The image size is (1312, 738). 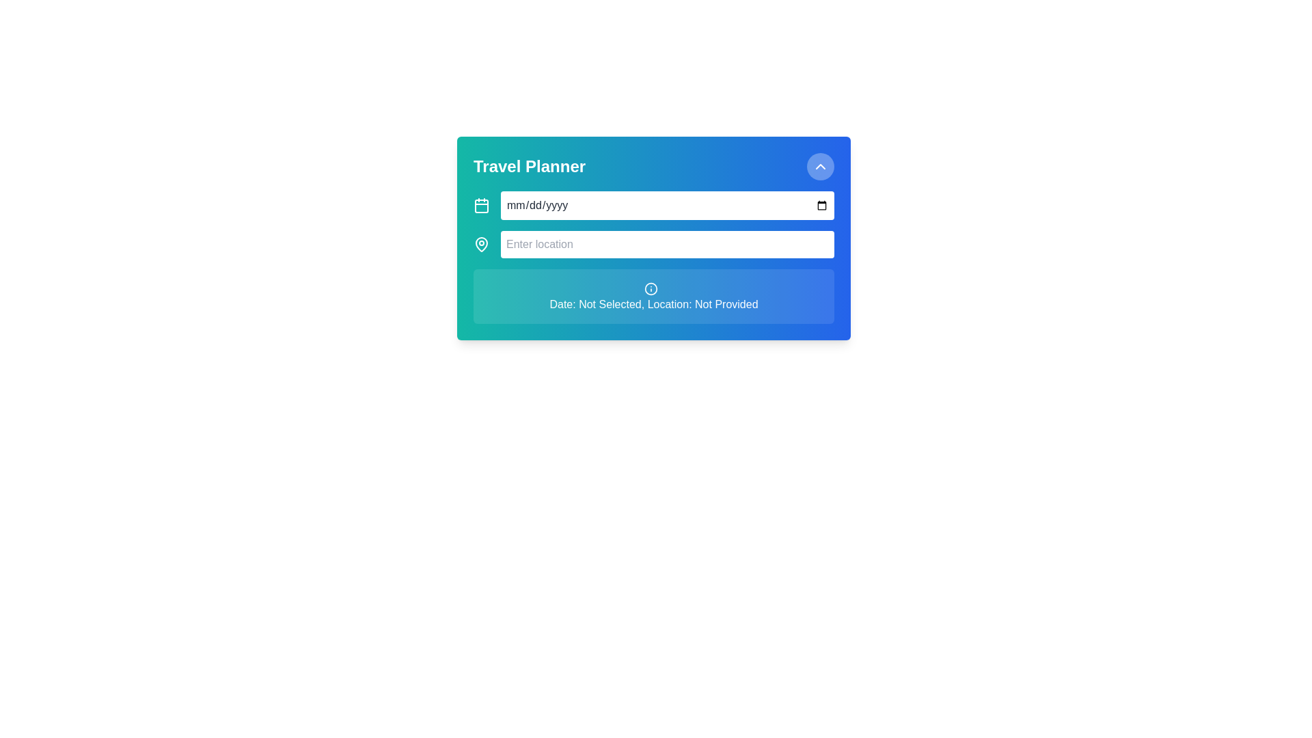 I want to click on the calendar icon with a square outline and rounded corners, located near the top left of the 'Travel Planner' interface, immediately left of the date input field, so click(x=482, y=205).